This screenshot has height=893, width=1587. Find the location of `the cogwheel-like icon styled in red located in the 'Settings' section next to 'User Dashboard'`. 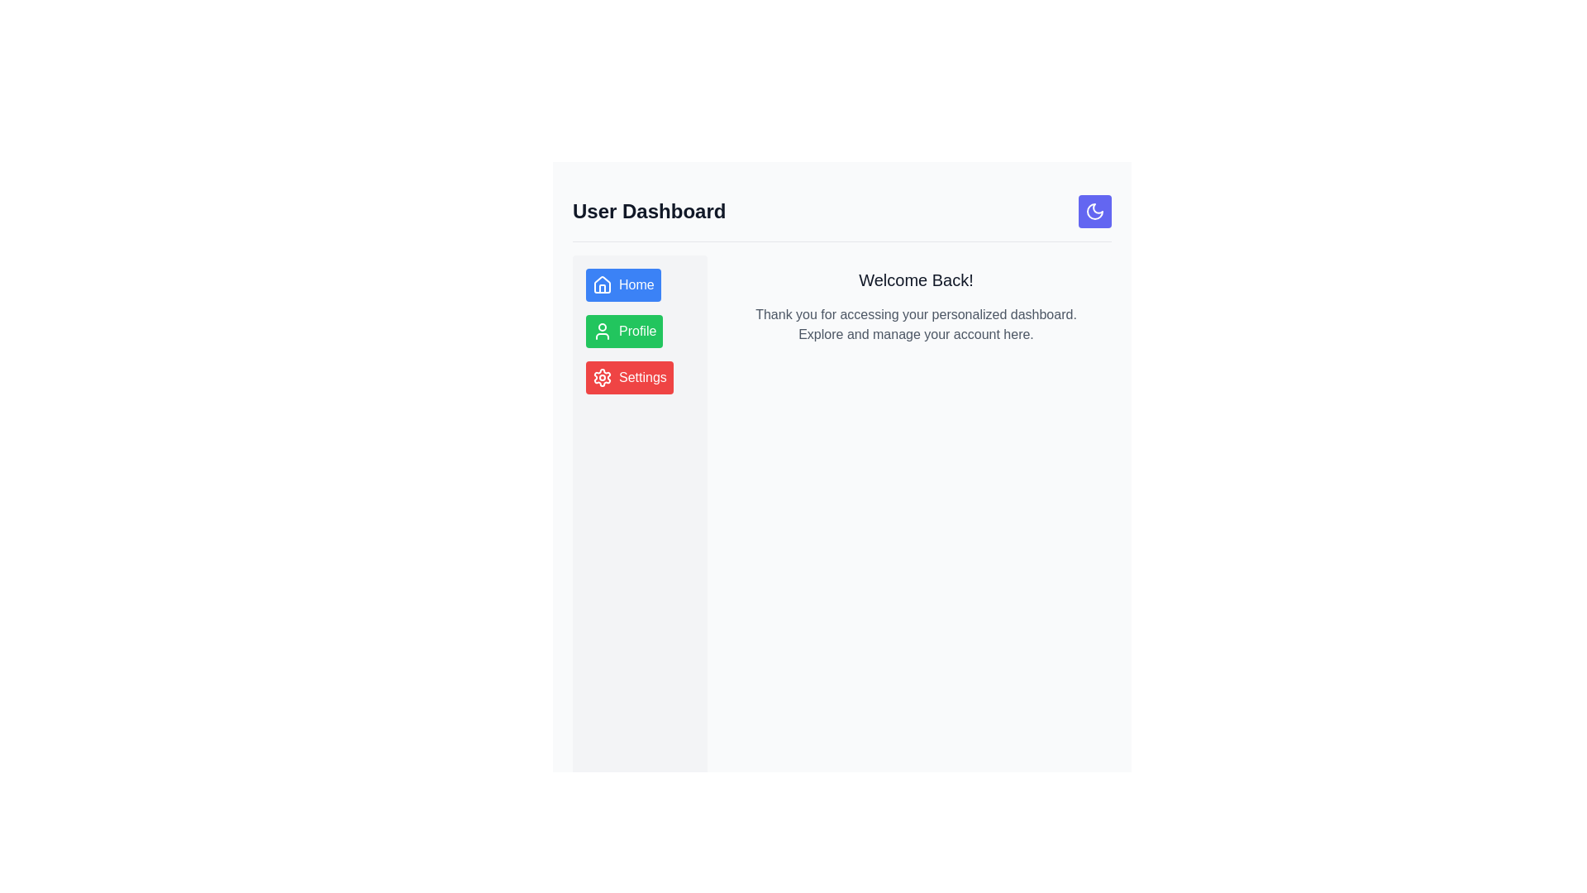

the cogwheel-like icon styled in red located in the 'Settings' section next to 'User Dashboard' is located at coordinates (602, 377).